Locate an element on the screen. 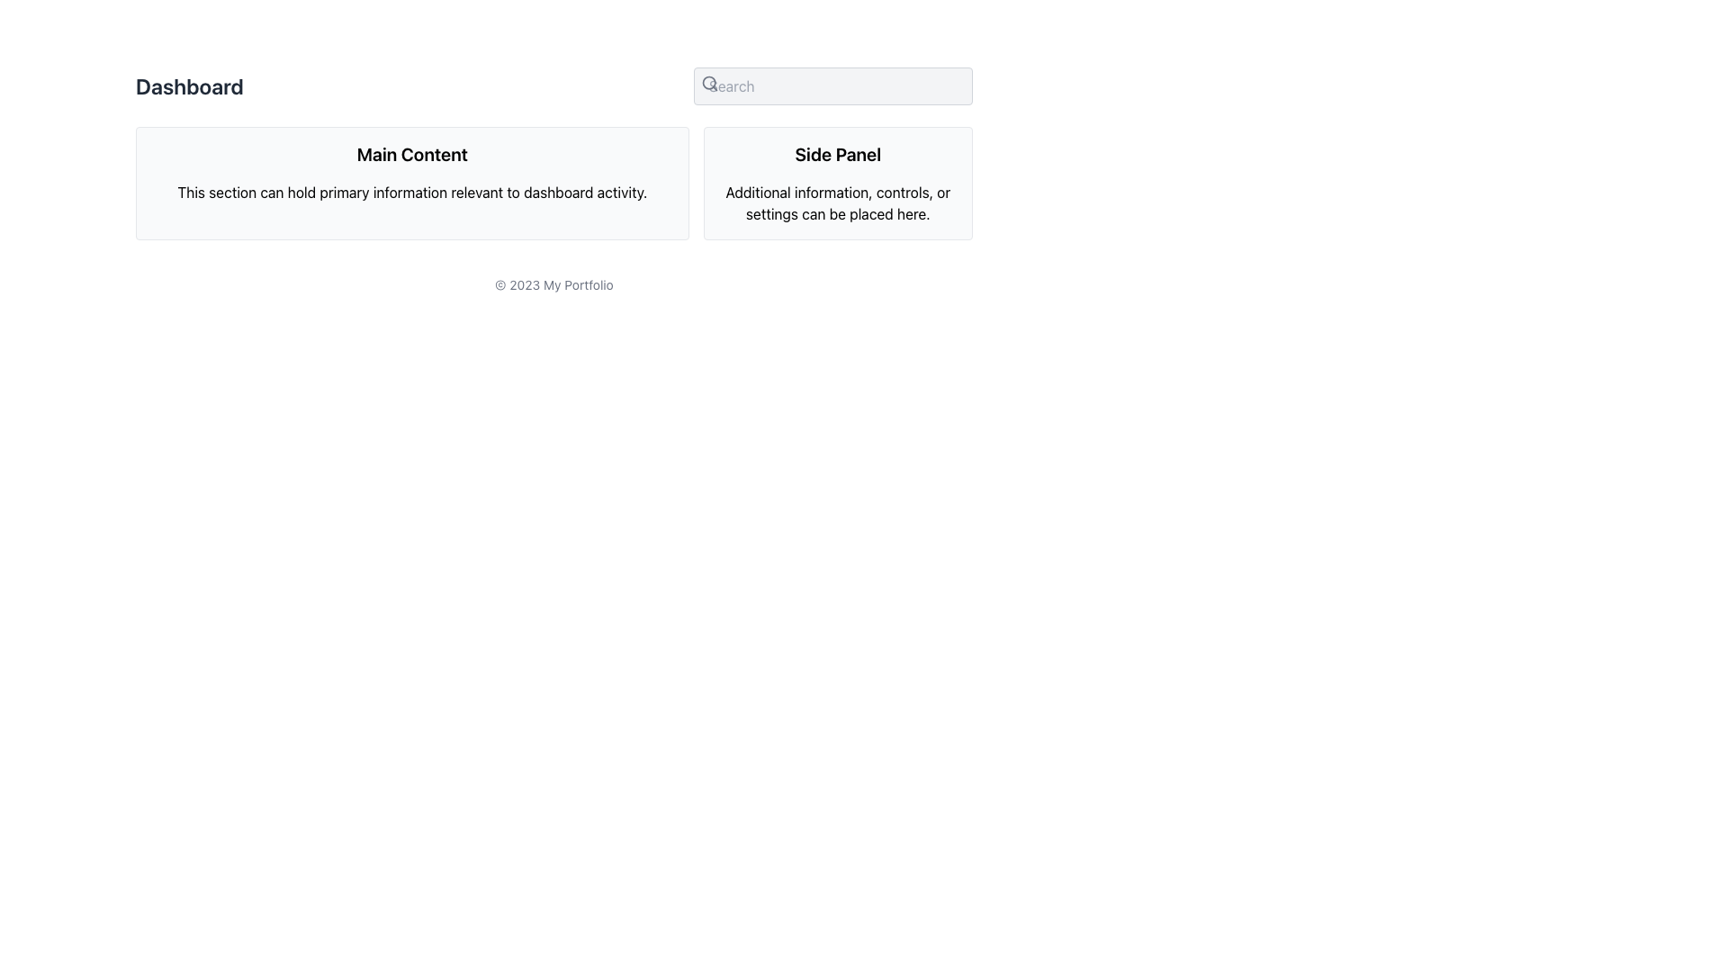  the Circular SVG component representing the search icon's handle, located near the top left corner of the search bar is located at coordinates (708, 83).